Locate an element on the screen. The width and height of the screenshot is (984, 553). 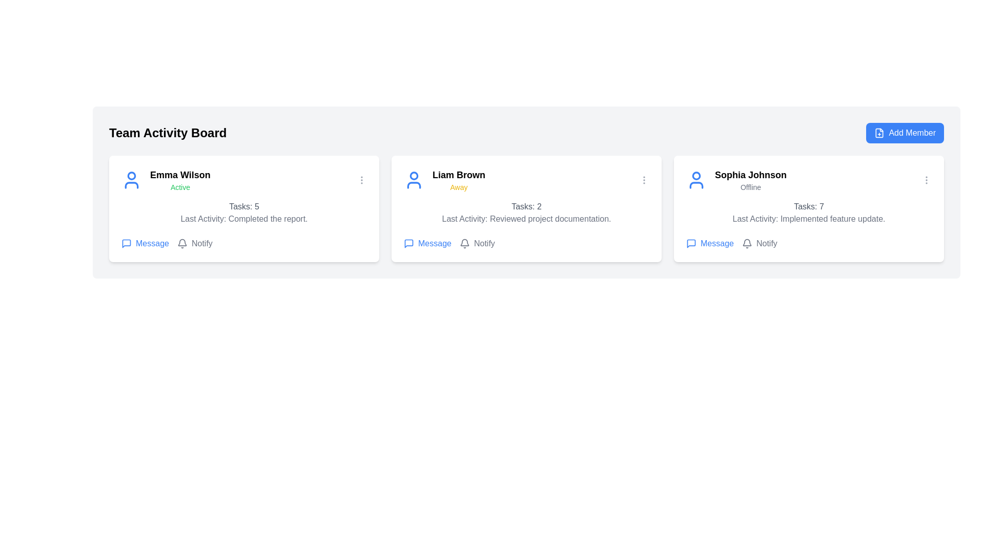
the interactive 'Notify' button, which features a bell icon and changes shade when hovered, located to the right of the 'Message' option for 'Sophia Johnson' is located at coordinates (760, 243).